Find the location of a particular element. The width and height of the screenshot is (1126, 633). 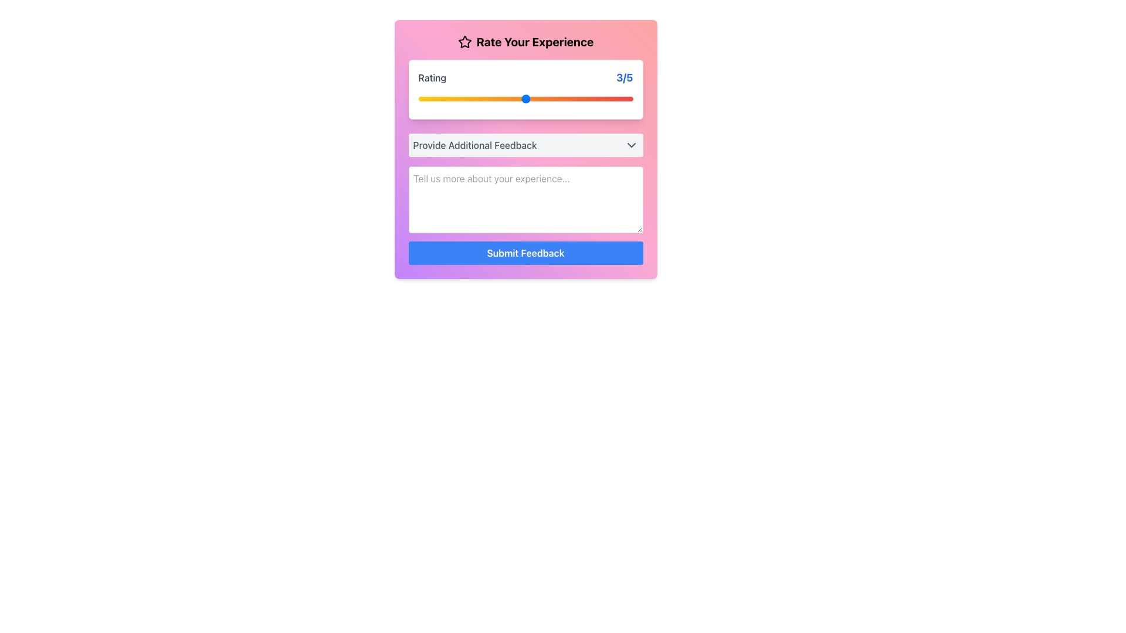

the interactive dropdown arrow icon located at the top-right corner of the 'Provide Additional Feedback' section is located at coordinates (630, 144).